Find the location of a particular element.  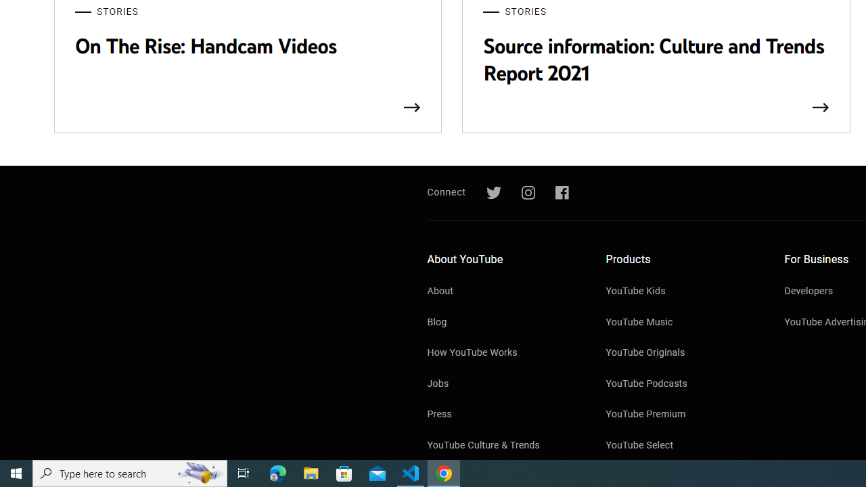

'Facebook' is located at coordinates (562, 193).